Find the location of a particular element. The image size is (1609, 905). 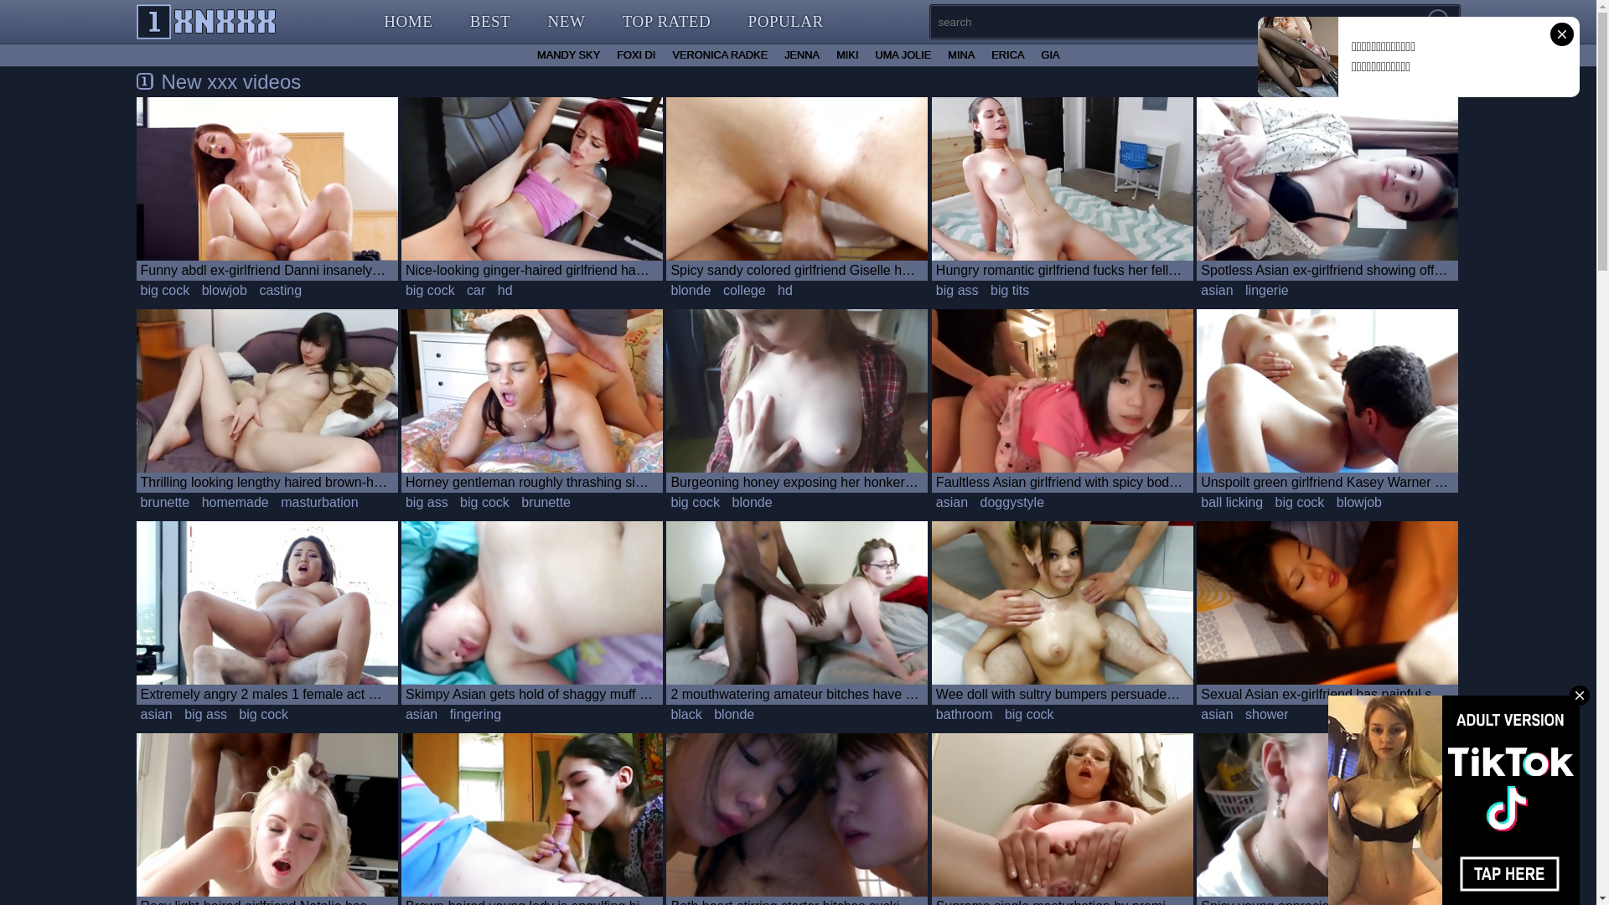

'fingering' is located at coordinates (474, 714).